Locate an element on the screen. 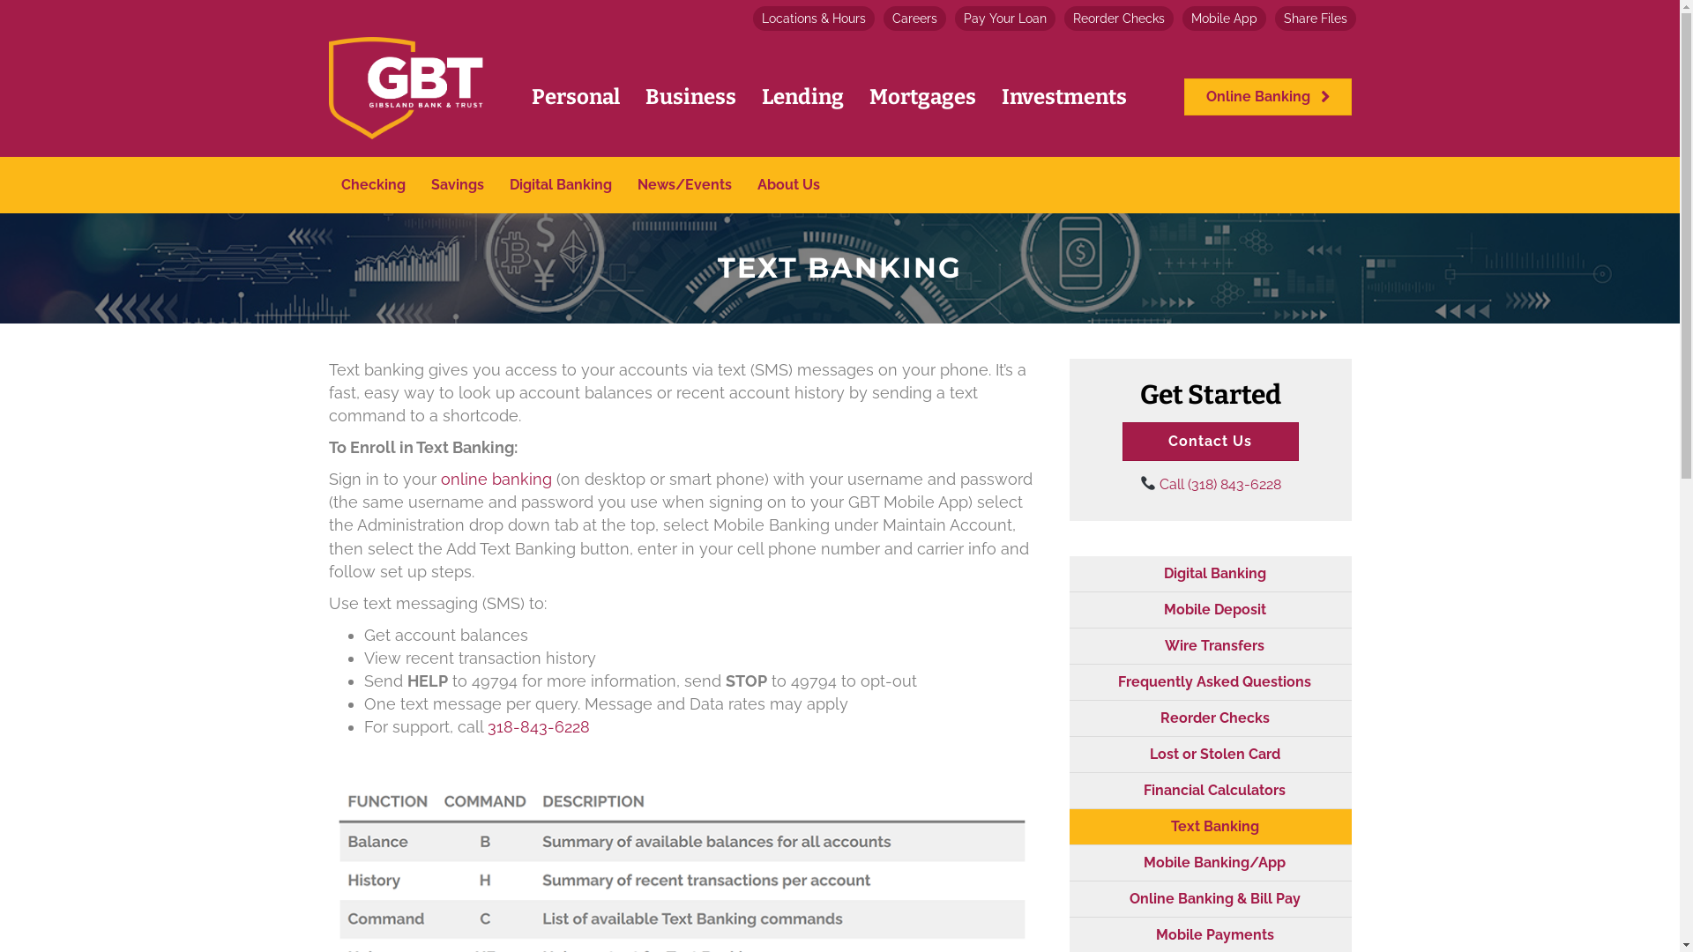  '318-843-6228' is located at coordinates (536, 726).